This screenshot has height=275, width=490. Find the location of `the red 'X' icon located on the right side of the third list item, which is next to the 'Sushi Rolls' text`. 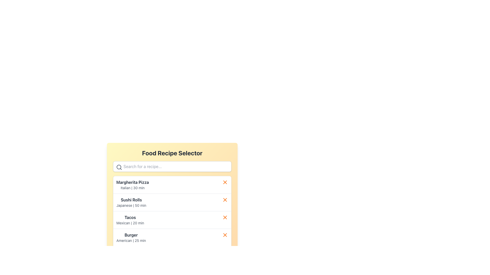

the red 'X' icon located on the right side of the third list item, which is next to the 'Sushi Rolls' text is located at coordinates (225, 200).